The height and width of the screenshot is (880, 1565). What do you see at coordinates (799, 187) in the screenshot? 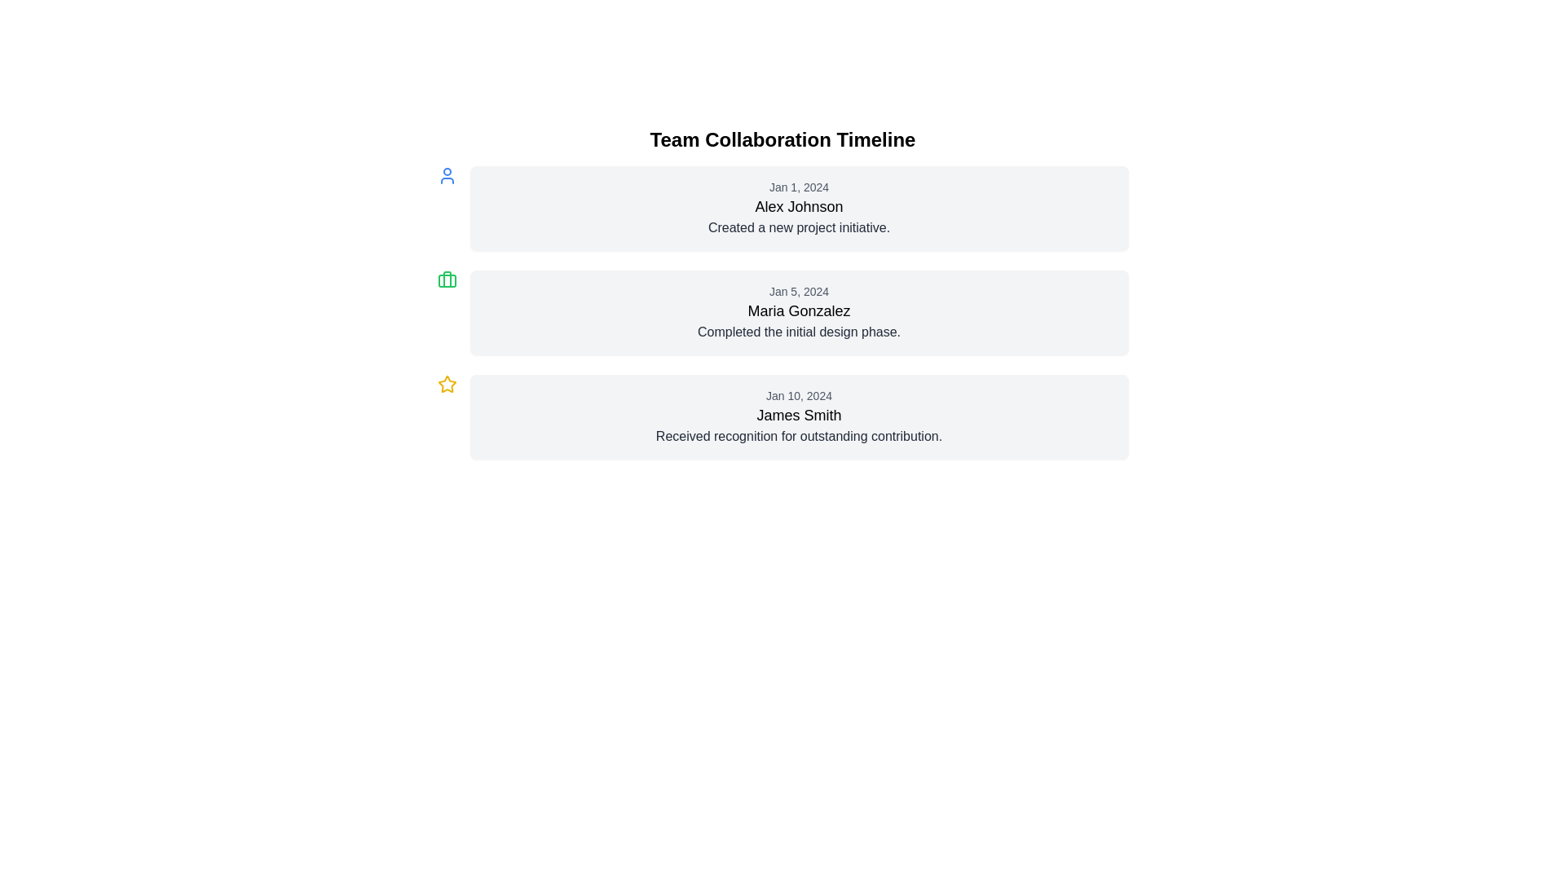
I see `the text label displaying the date 'Jan 1, 2024' which is styled in gray and located at the top of a card containing details about 'Alex Johnson'` at bounding box center [799, 187].